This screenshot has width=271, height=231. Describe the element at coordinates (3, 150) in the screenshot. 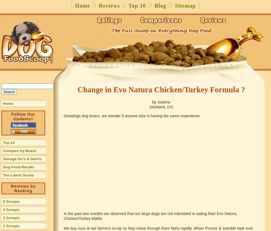

I see `'Compare by Brand'` at that location.